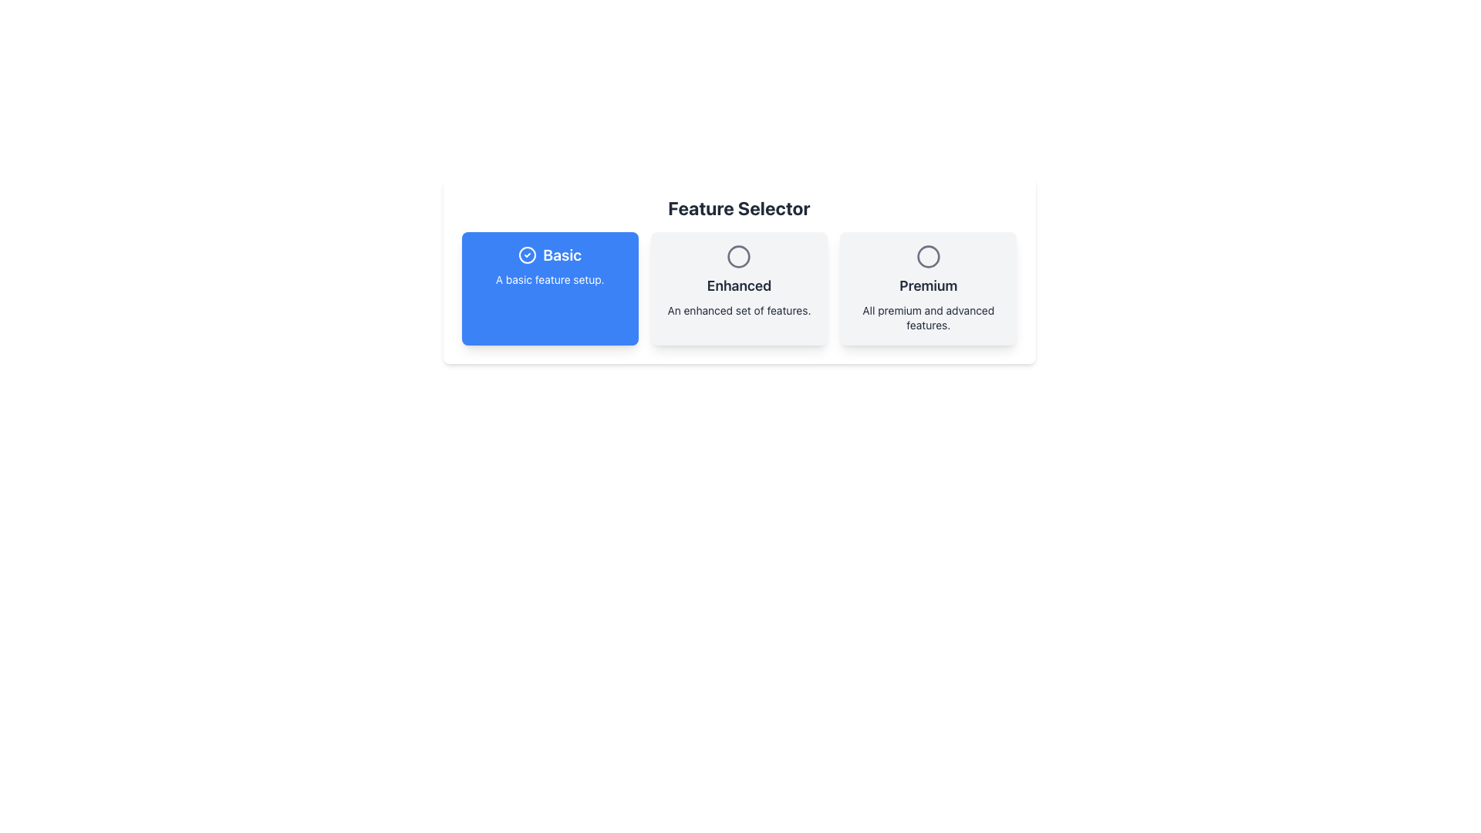 The image size is (1481, 833). Describe the element at coordinates (738, 255) in the screenshot. I see `the 'Enhanced' icon, which represents an option or feature and is located at the top-center of the middle card in a horizontal set of three cards` at that location.